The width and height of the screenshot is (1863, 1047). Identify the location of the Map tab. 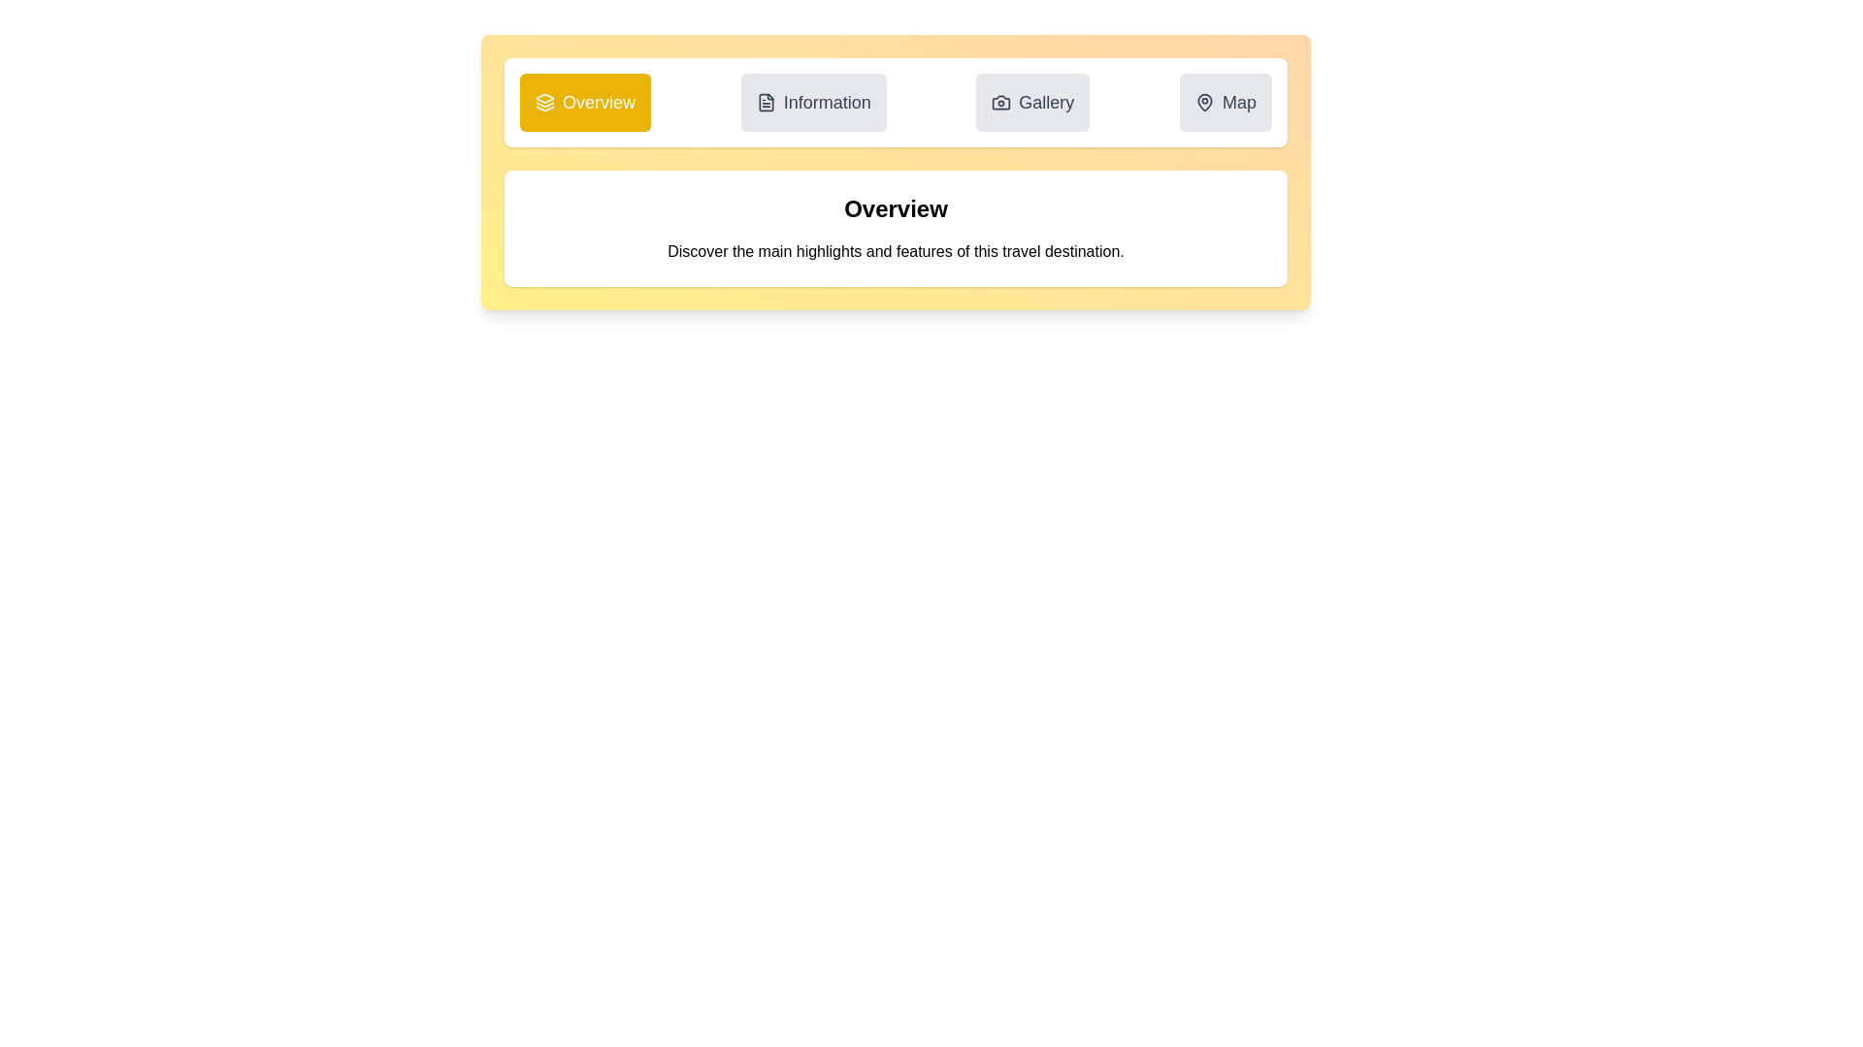
(1225, 102).